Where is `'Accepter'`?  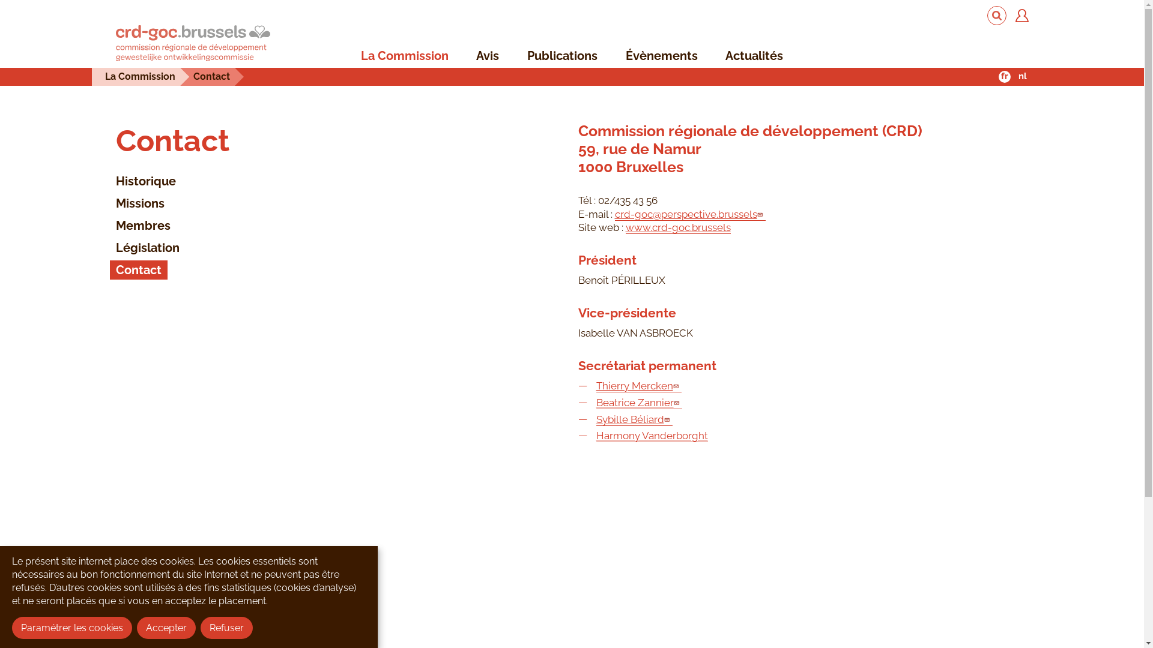
'Accepter' is located at coordinates (166, 627).